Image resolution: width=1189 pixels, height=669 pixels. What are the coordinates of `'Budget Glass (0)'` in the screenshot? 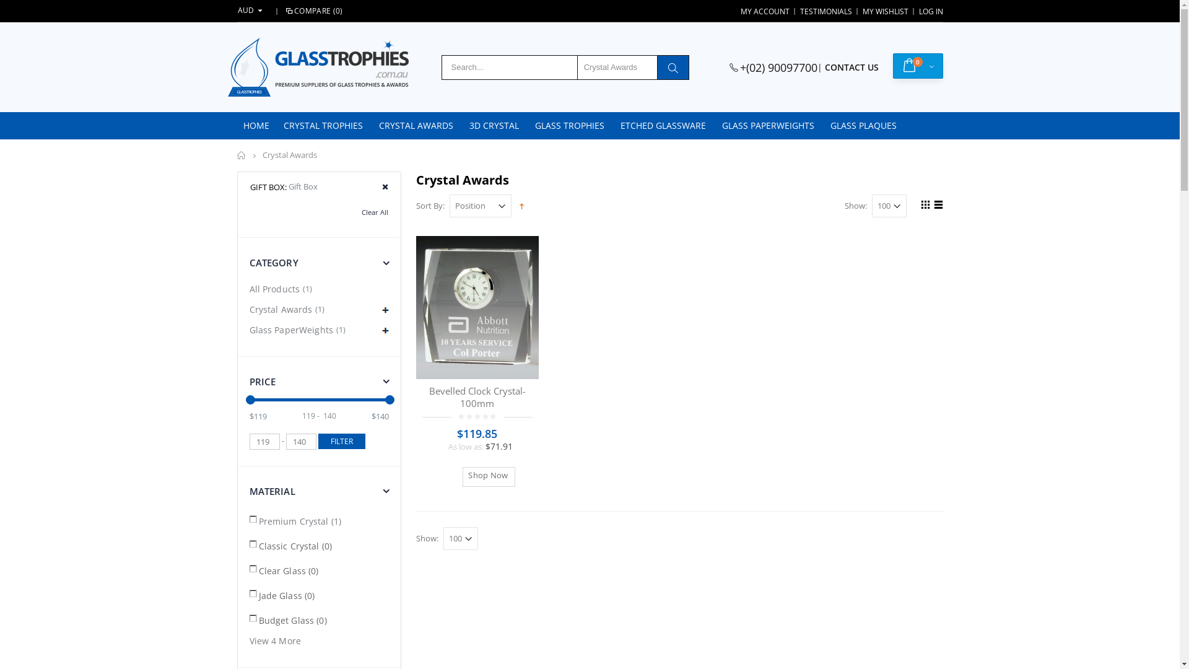 It's located at (288, 618).